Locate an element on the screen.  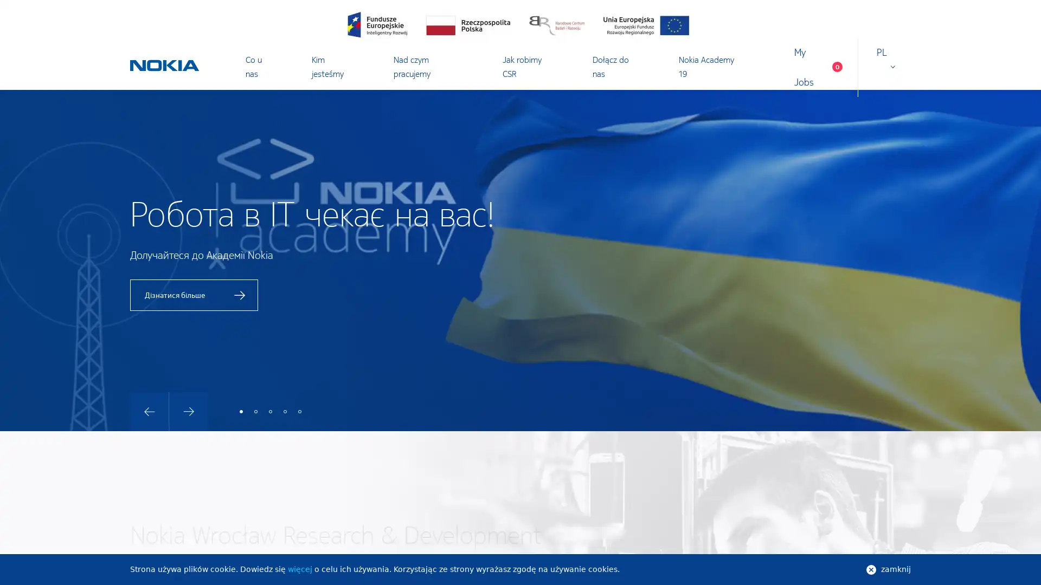
Next slide is located at coordinates (189, 411).